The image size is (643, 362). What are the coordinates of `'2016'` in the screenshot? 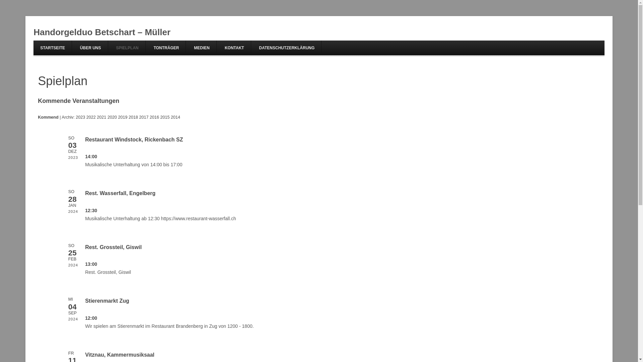 It's located at (154, 117).